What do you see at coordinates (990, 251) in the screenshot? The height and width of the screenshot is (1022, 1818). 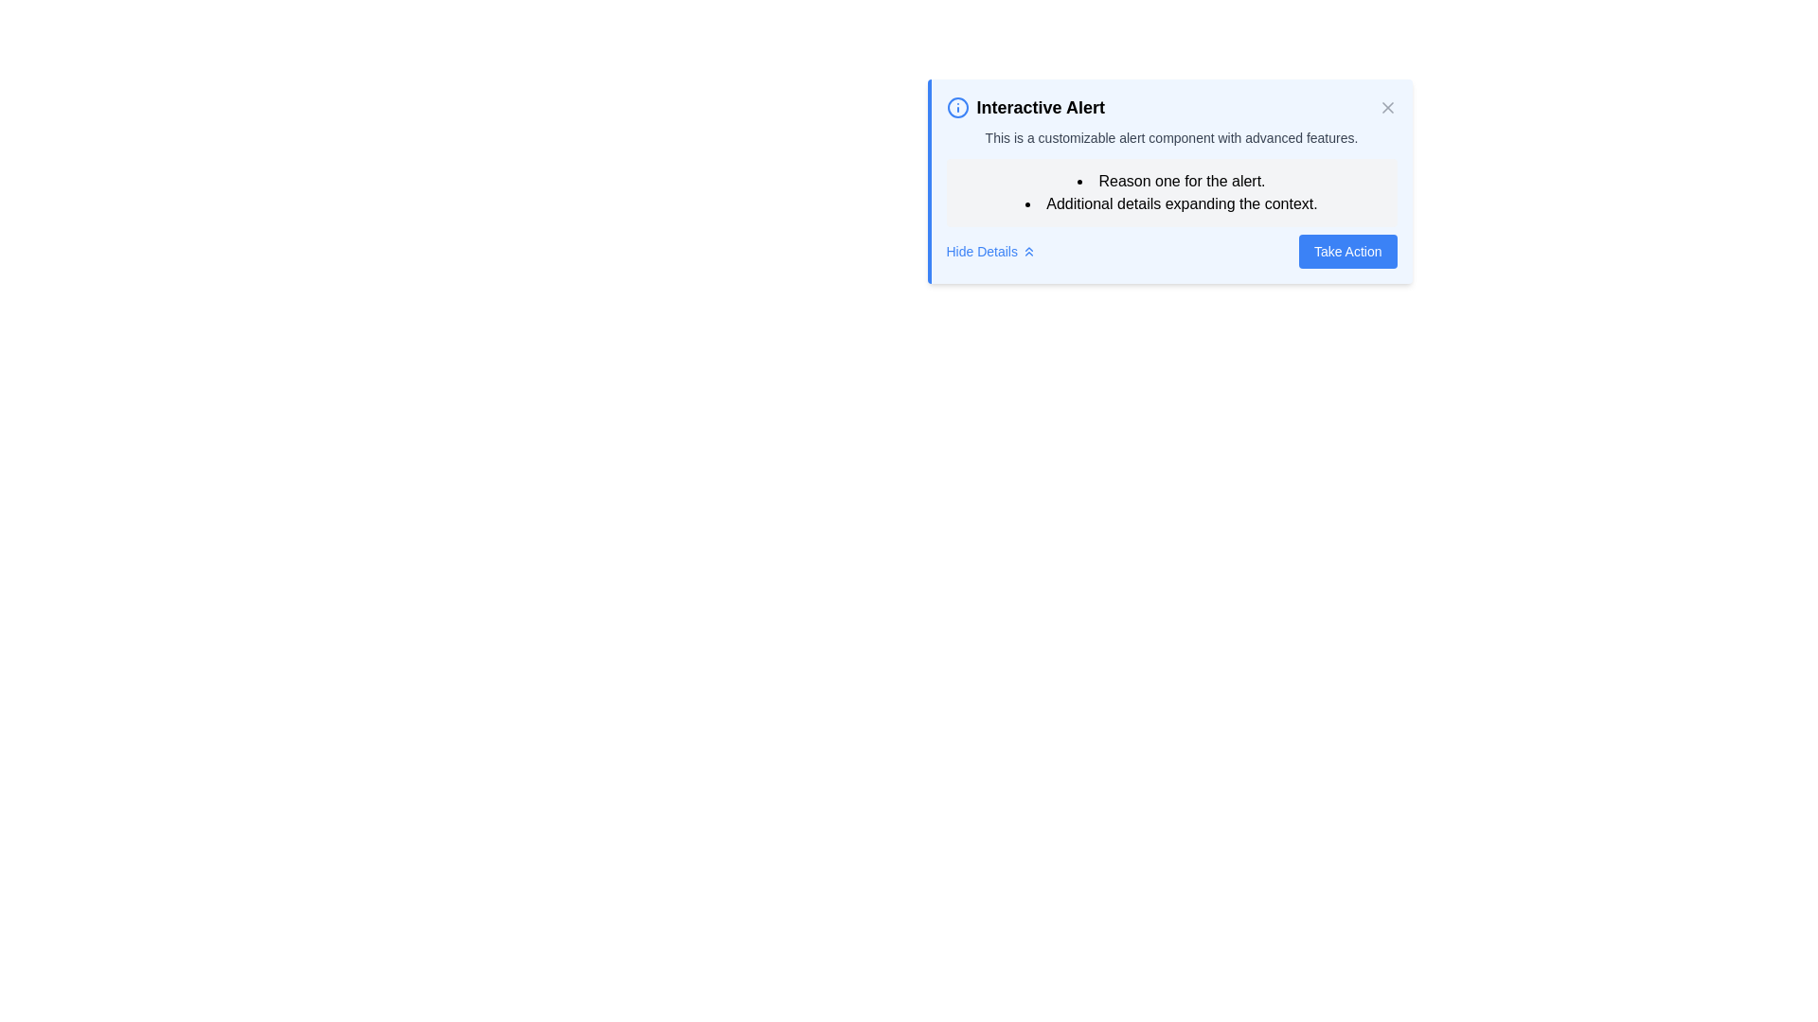 I see `the 'Hide Details' interactive link styled in blue with an upward chevron icon for keyboard navigation` at bounding box center [990, 251].